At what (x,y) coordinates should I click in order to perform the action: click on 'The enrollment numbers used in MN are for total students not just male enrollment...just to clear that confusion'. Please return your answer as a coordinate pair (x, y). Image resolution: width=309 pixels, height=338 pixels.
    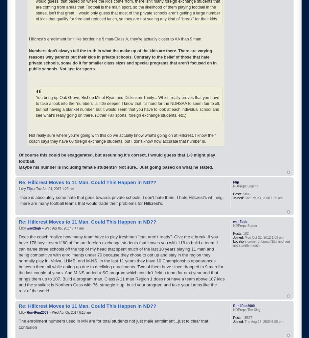
    Looking at the image, I should click on (113, 324).